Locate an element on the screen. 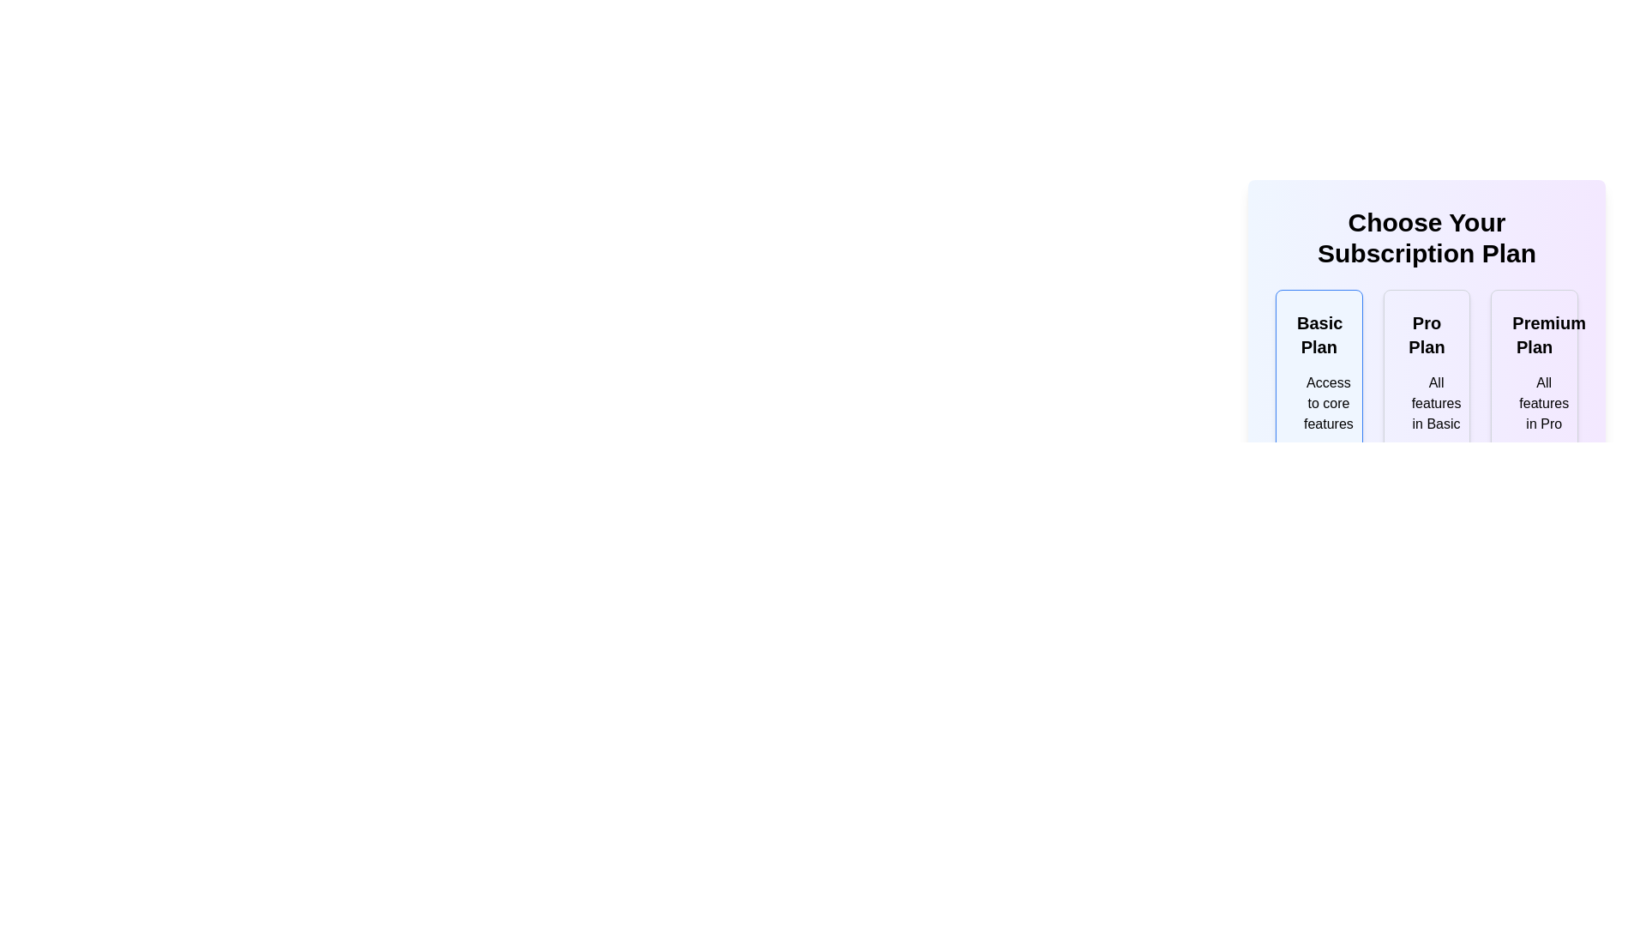  the text label that identifies the 'Basic Plan' subscription option, located at the top of the leftmost card in the subscription options layout is located at coordinates (1318, 334).